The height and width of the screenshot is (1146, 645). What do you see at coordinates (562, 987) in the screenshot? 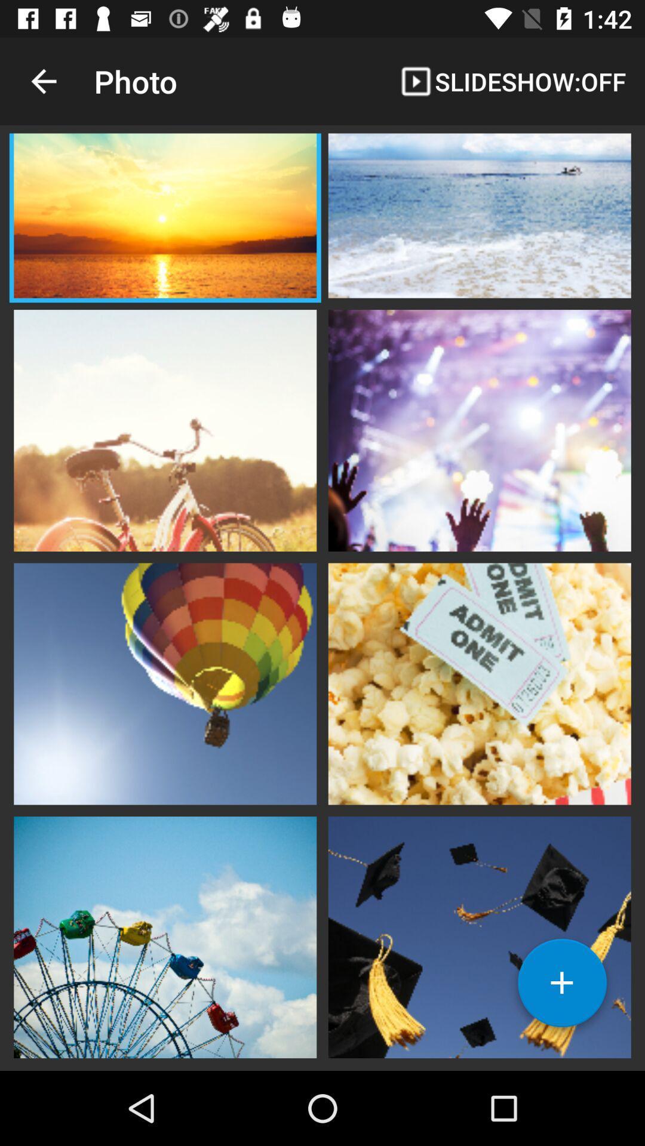
I see `new photo` at bounding box center [562, 987].